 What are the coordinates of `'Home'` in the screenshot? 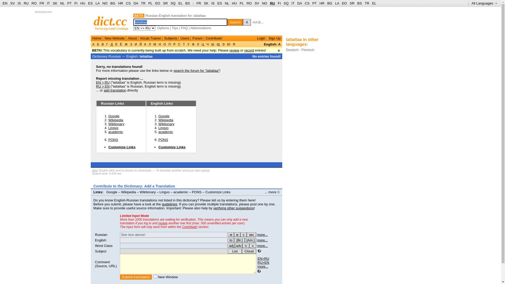 It's located at (97, 38).